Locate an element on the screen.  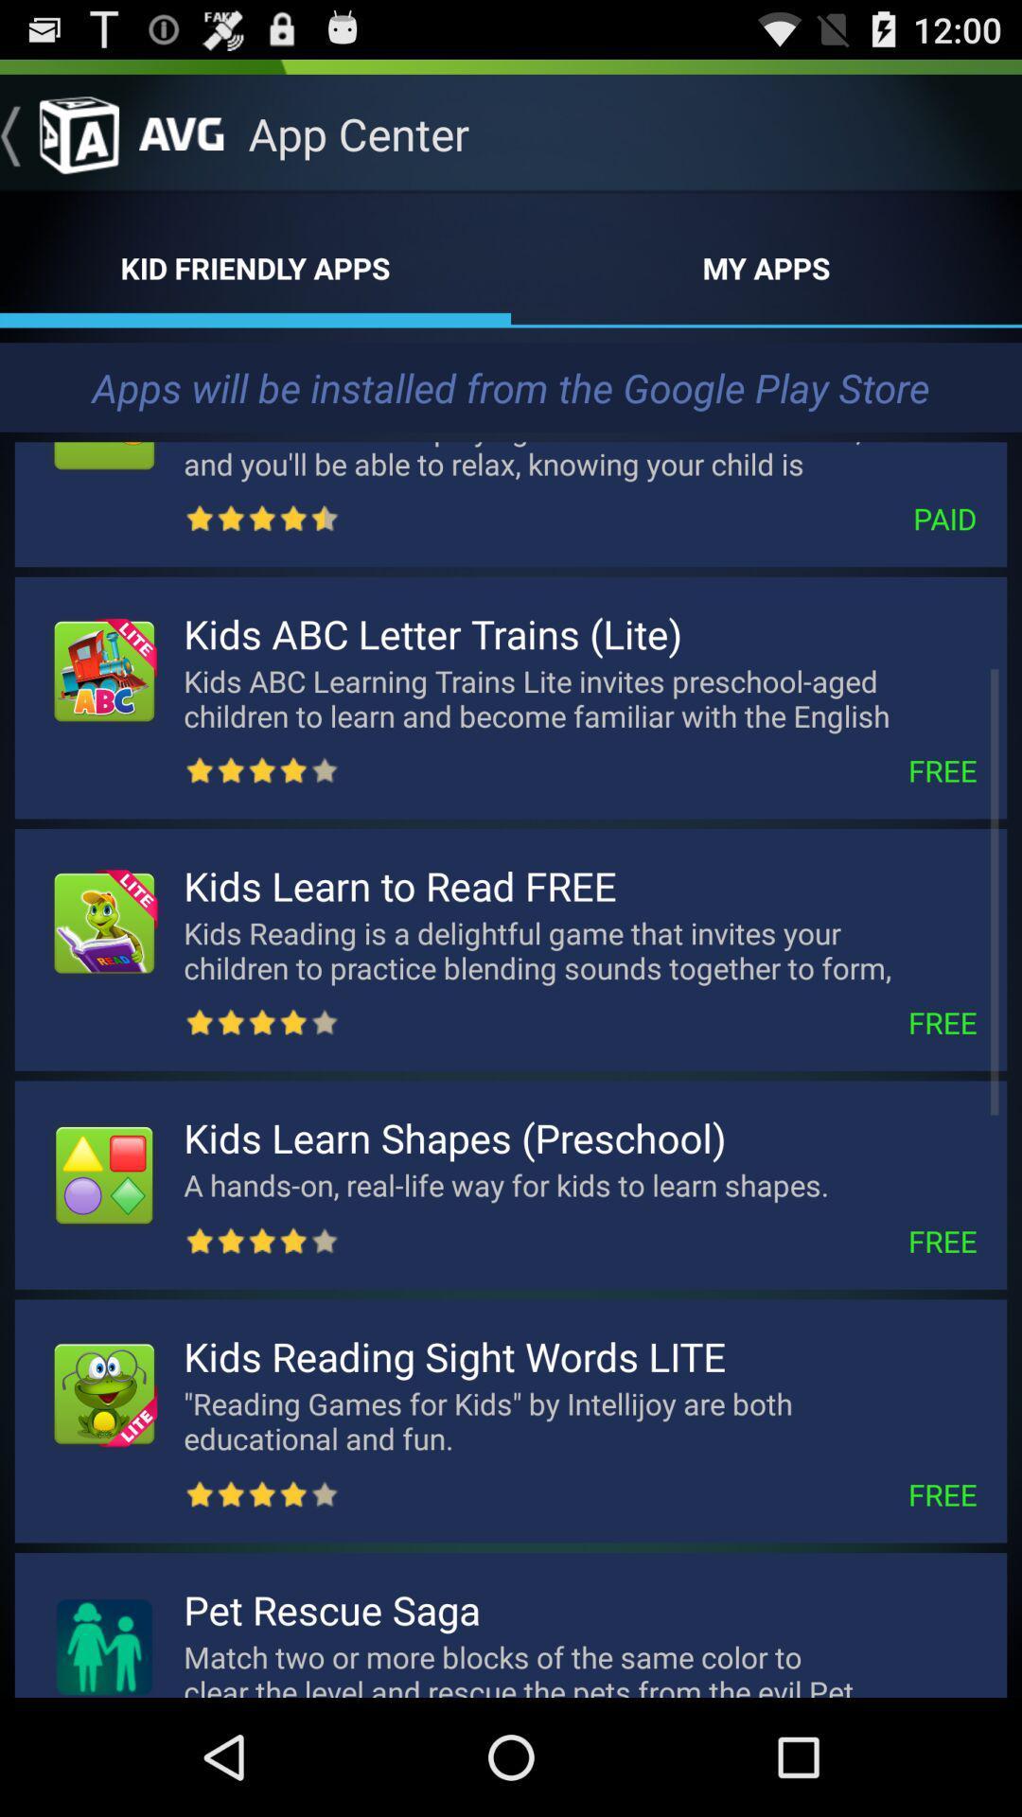
the item below the kids reading sight icon is located at coordinates (579, 1420).